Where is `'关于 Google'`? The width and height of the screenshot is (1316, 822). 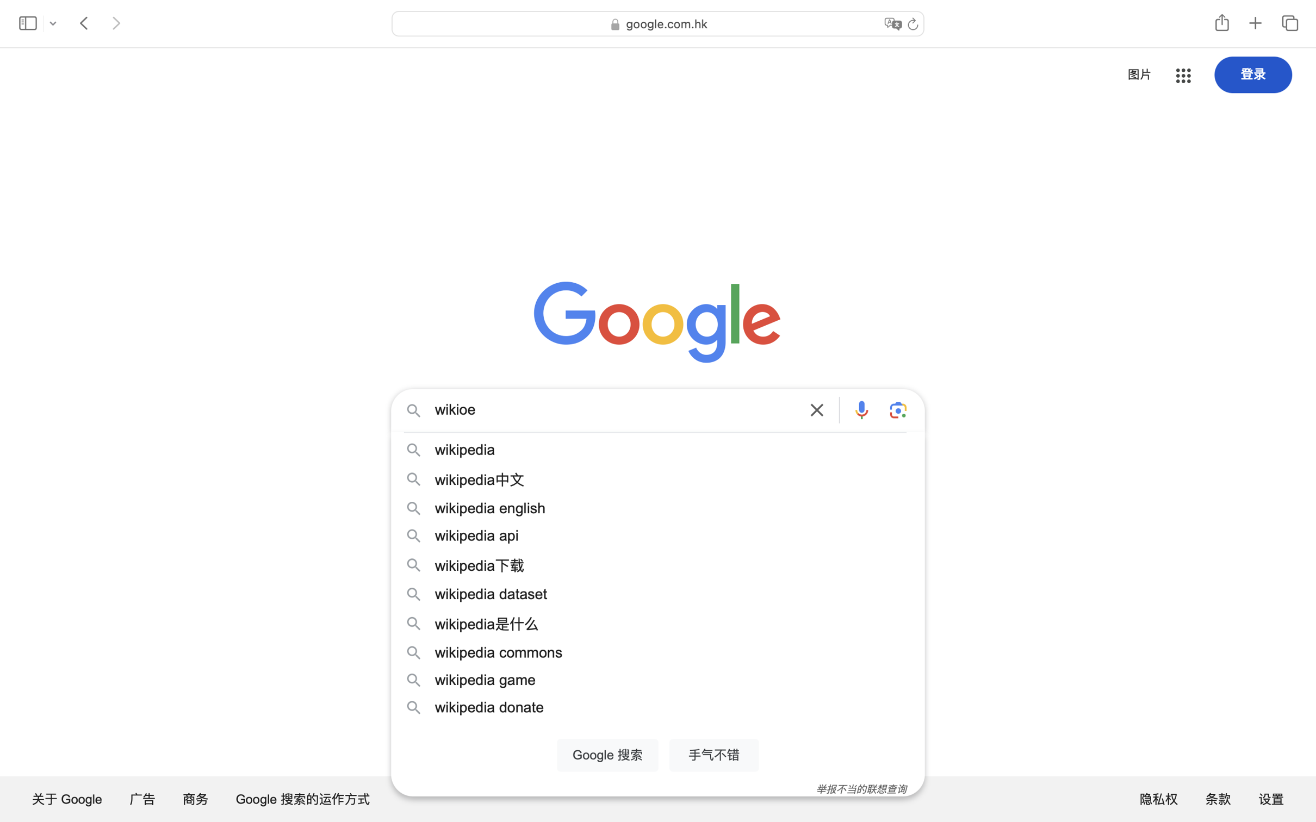
'关于 Google' is located at coordinates (67, 798).